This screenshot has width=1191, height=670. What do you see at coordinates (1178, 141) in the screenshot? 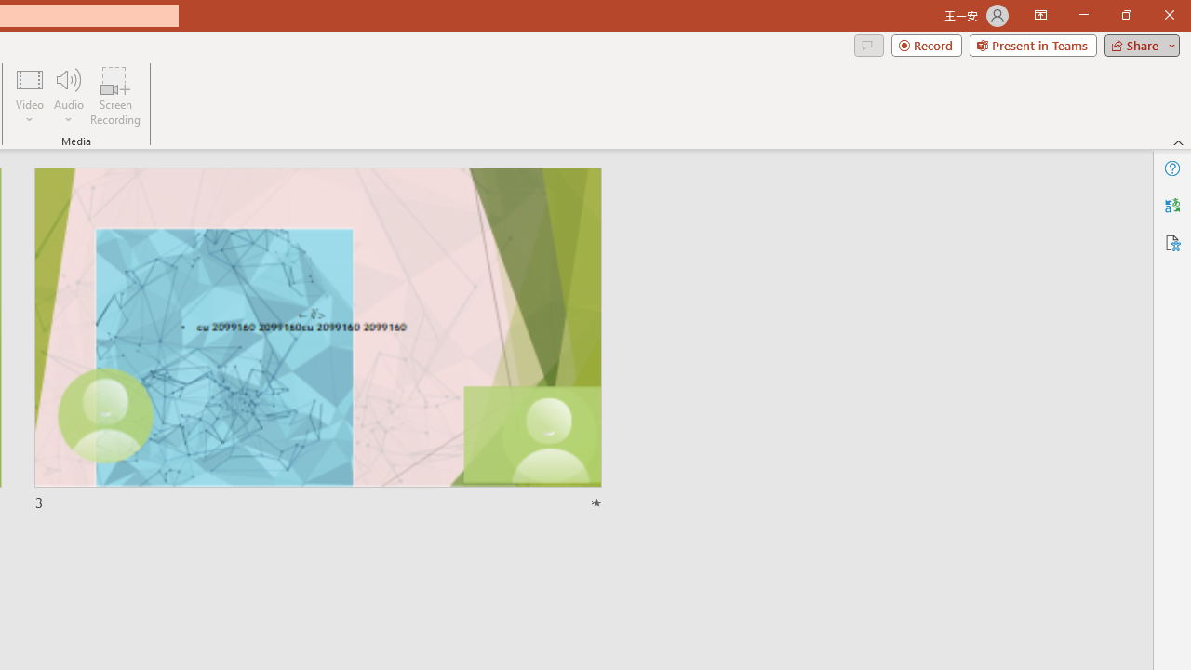
I see `'Collapse the Ribbon'` at bounding box center [1178, 141].